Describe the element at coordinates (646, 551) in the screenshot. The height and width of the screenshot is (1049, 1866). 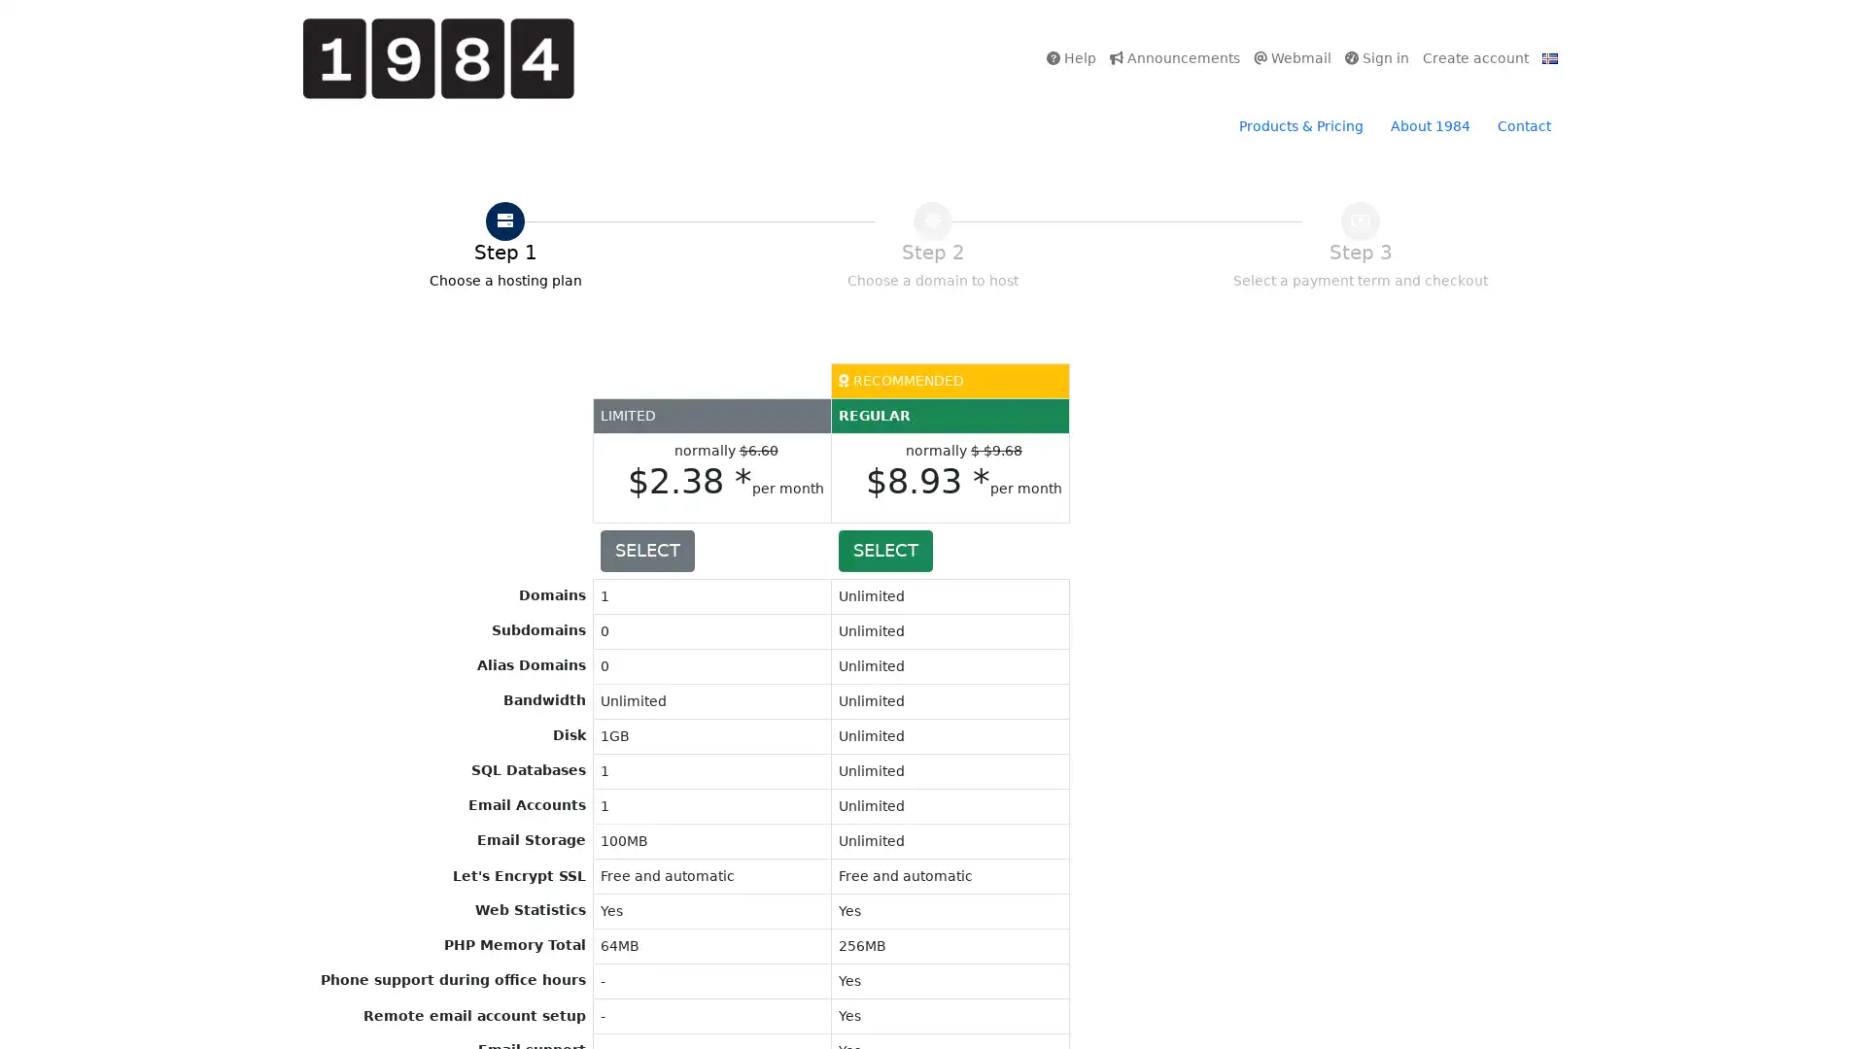
I see `SELECT` at that location.